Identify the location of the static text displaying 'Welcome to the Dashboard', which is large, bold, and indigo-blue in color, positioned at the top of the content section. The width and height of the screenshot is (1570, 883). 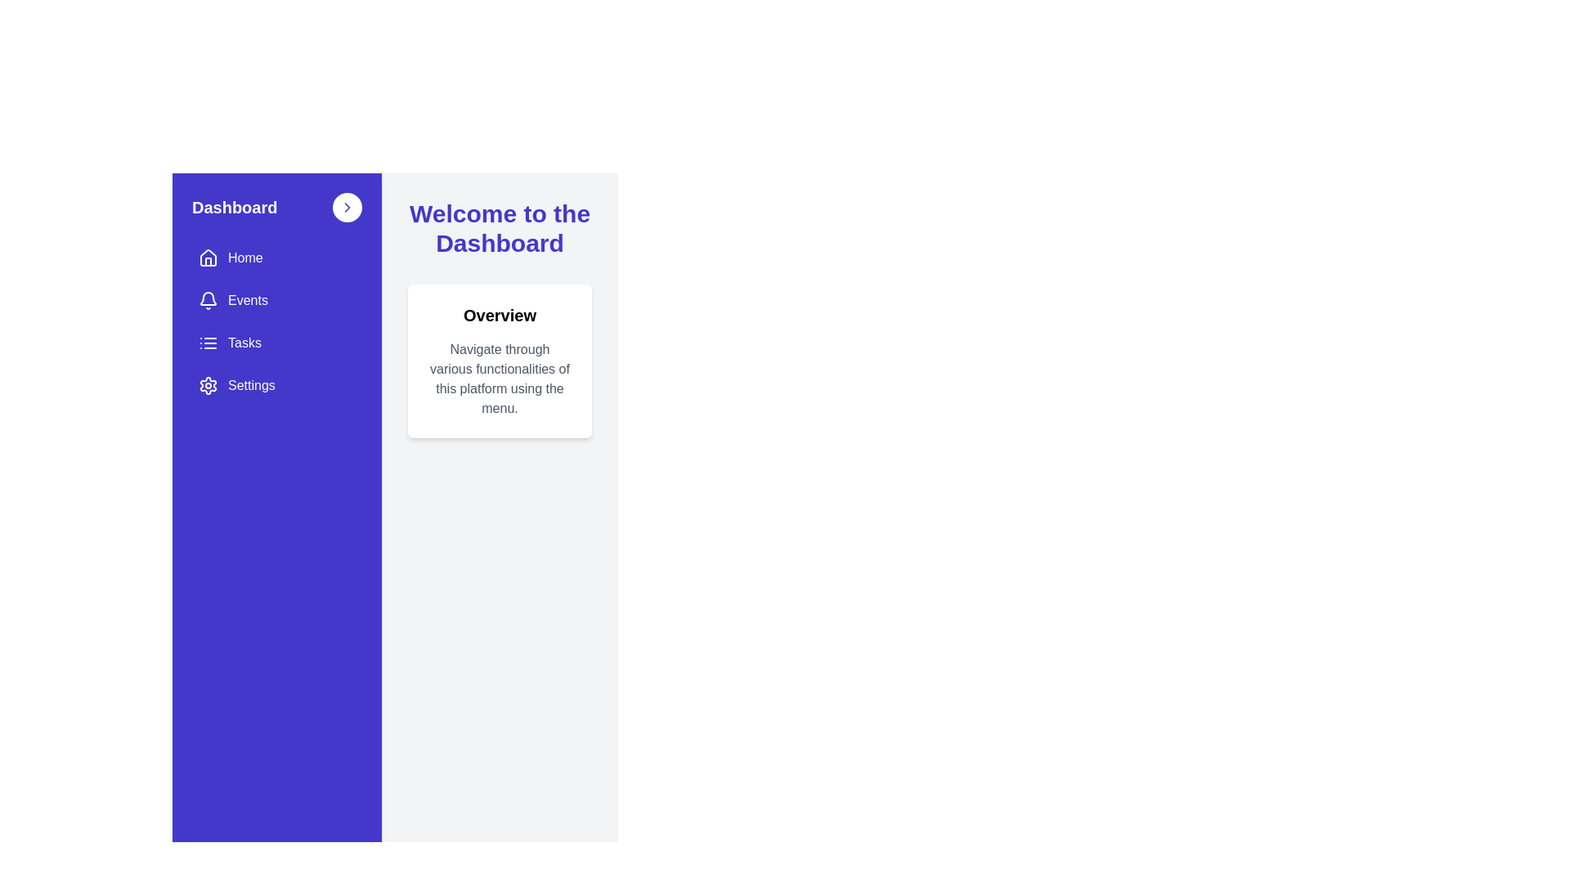
(499, 229).